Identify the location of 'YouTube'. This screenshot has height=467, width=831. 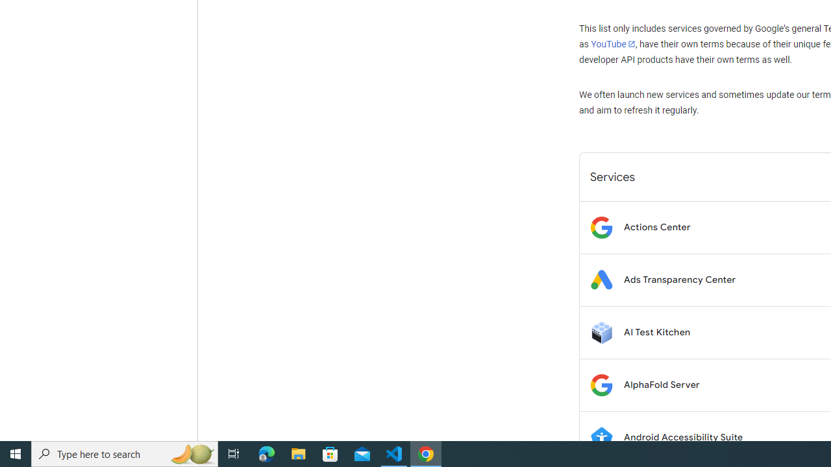
(612, 43).